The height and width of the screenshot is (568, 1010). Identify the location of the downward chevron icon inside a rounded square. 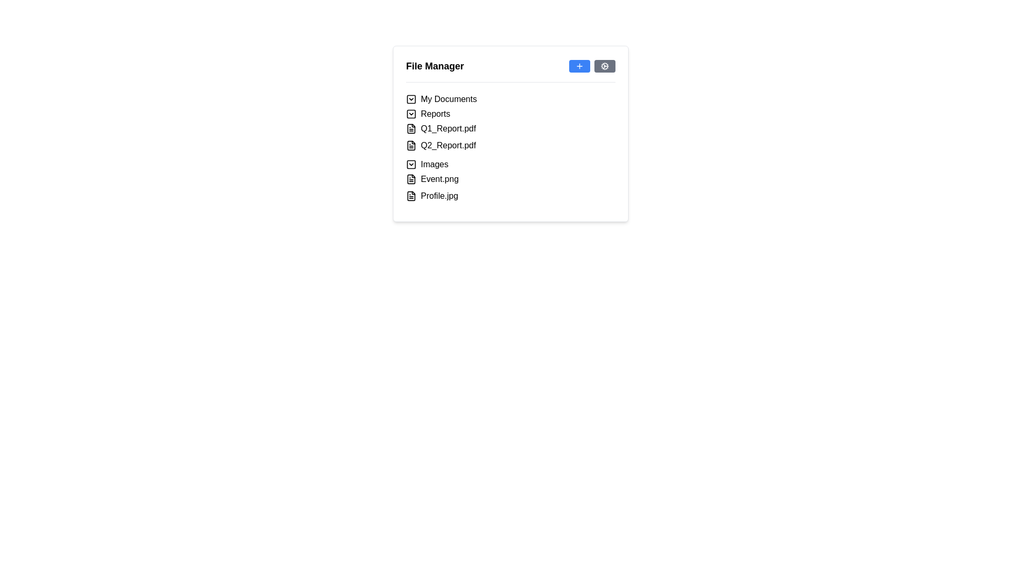
(411, 99).